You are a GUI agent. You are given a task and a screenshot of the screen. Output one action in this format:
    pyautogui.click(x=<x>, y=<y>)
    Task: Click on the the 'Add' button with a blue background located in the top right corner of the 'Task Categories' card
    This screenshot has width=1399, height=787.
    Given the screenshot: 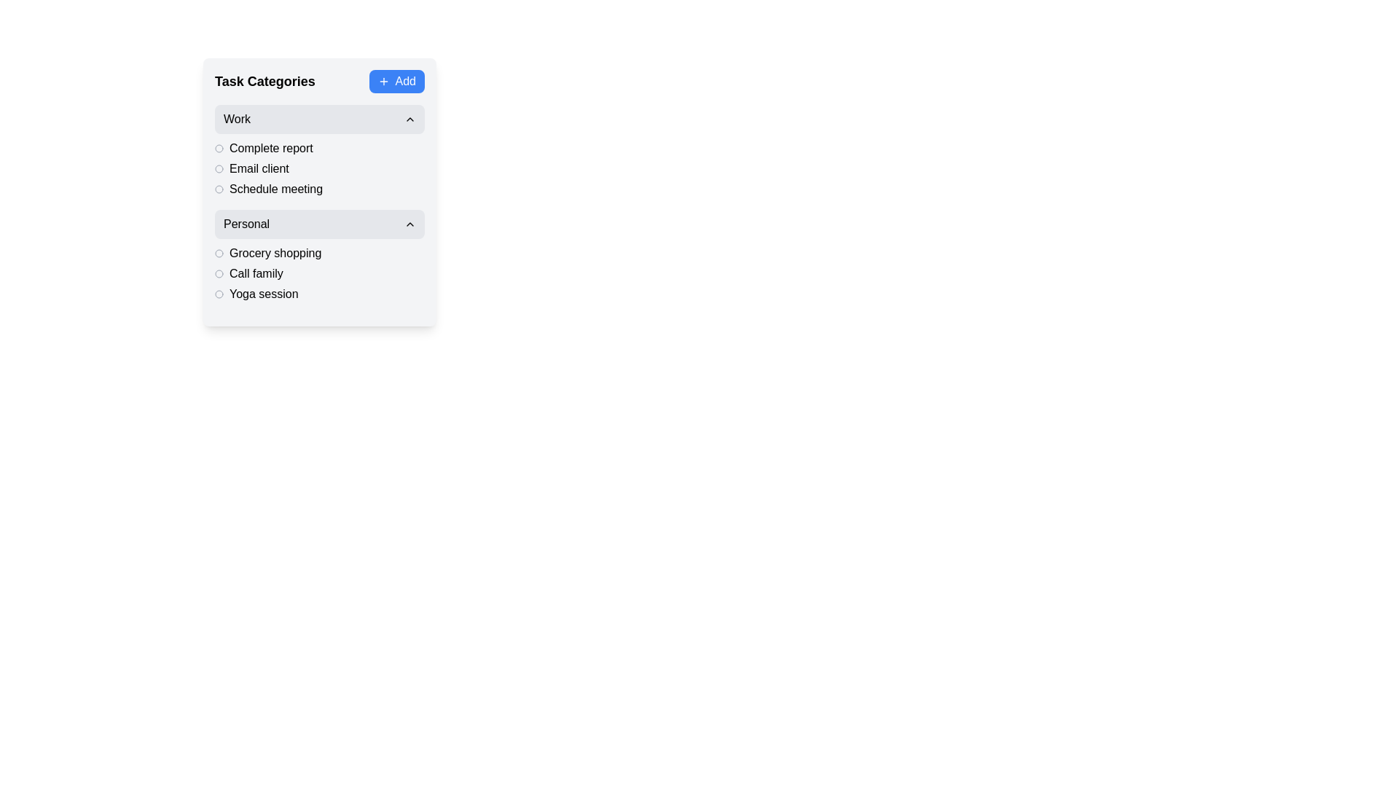 What is the action you would take?
    pyautogui.click(x=405, y=81)
    